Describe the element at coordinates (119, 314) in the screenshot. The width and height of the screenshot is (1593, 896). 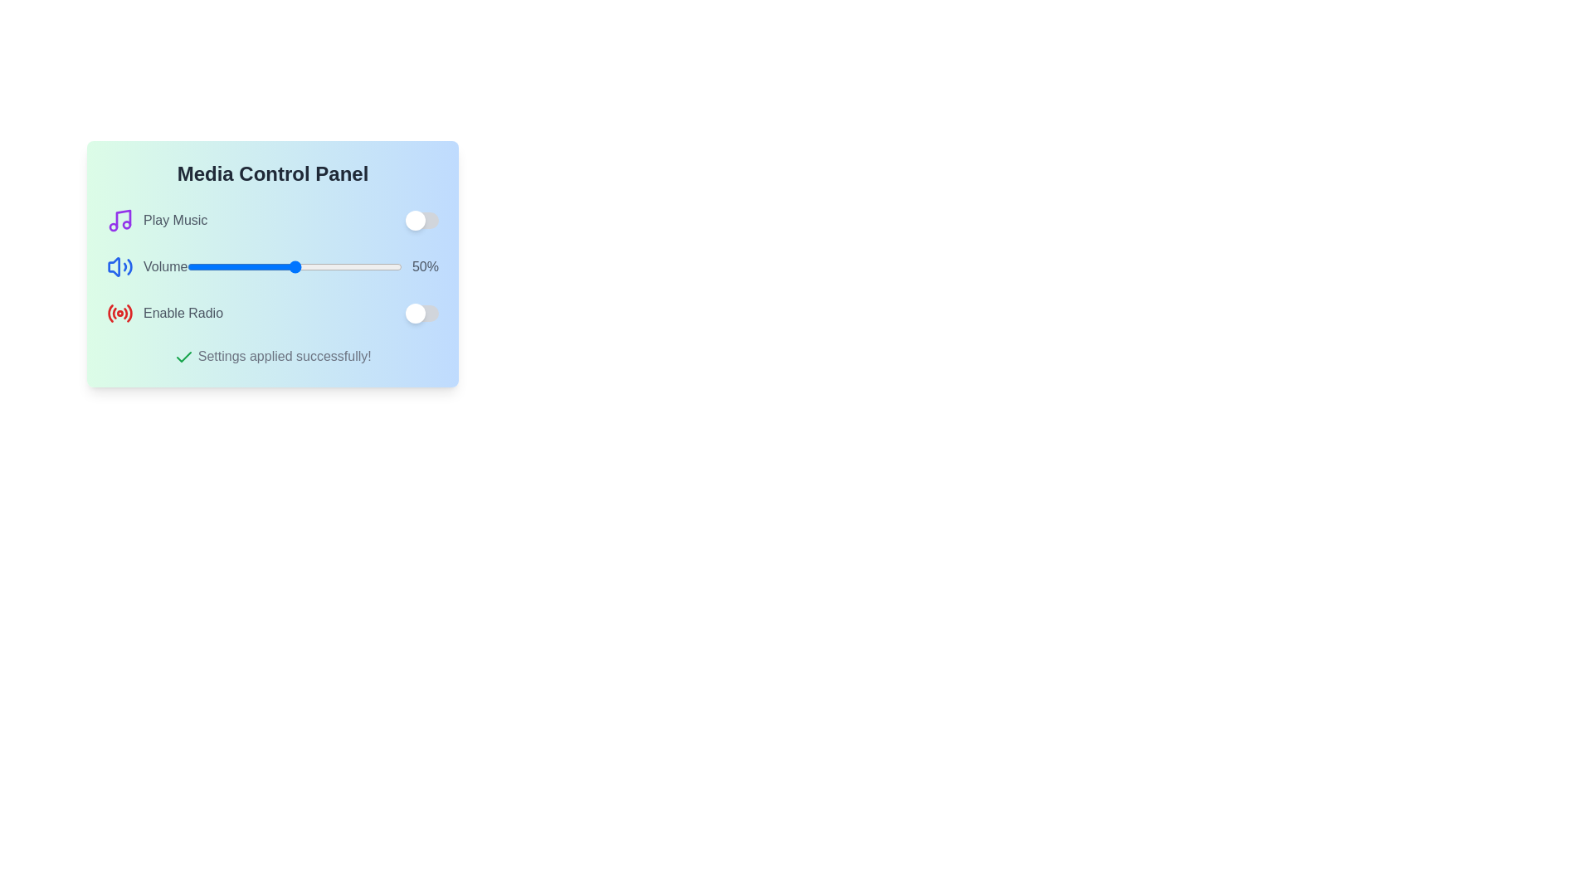
I see `the icon representing the enabling functionality of the radio feature in the 'Enable Radio' section of the Media Control Panel, located to the left of the 'Enable Radio' label` at that location.